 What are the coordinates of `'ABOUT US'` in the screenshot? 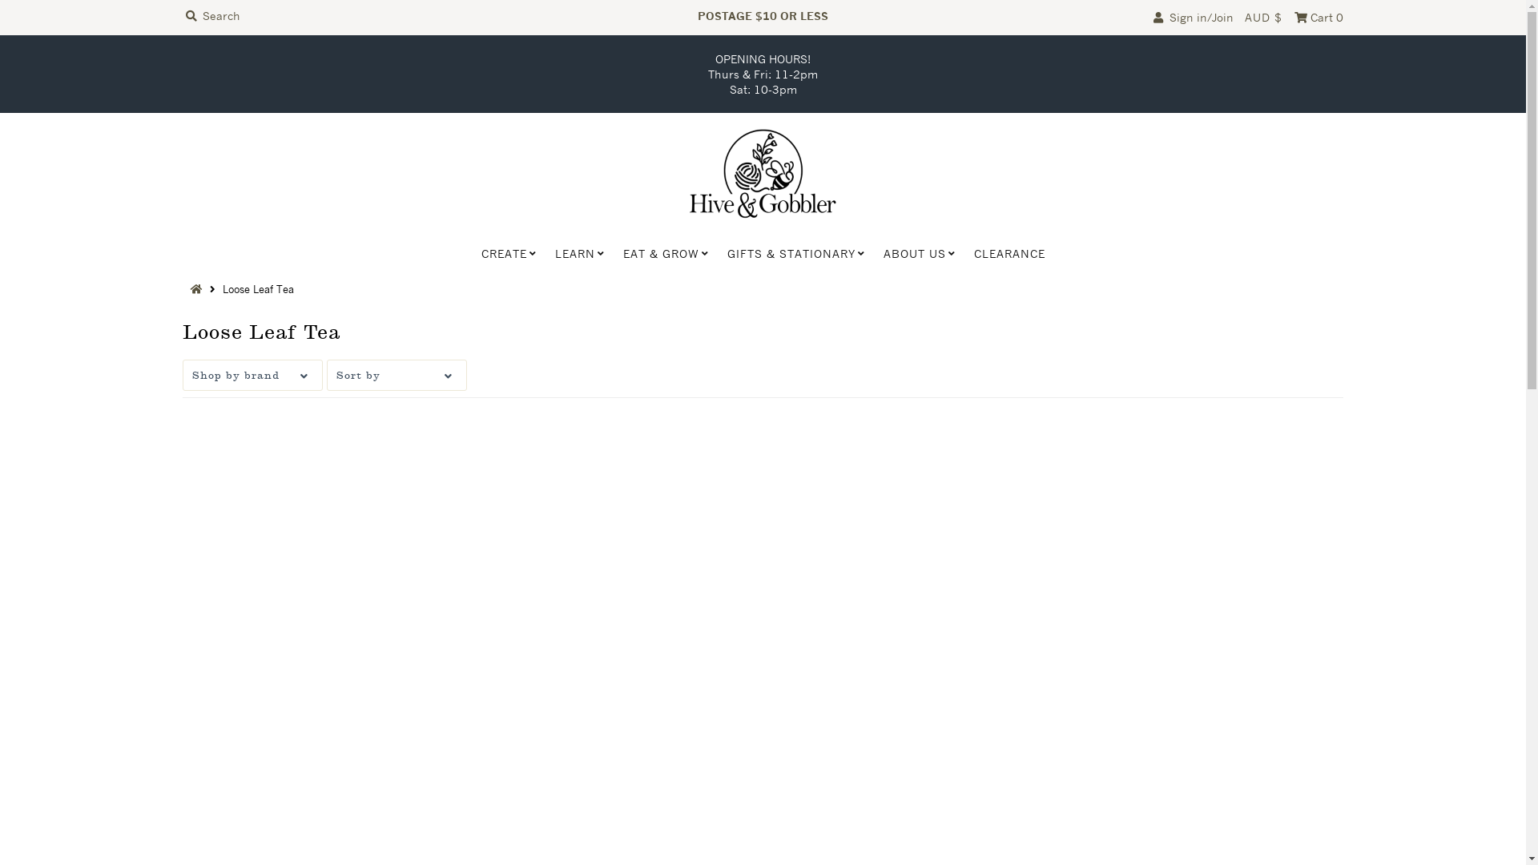 It's located at (871, 252).